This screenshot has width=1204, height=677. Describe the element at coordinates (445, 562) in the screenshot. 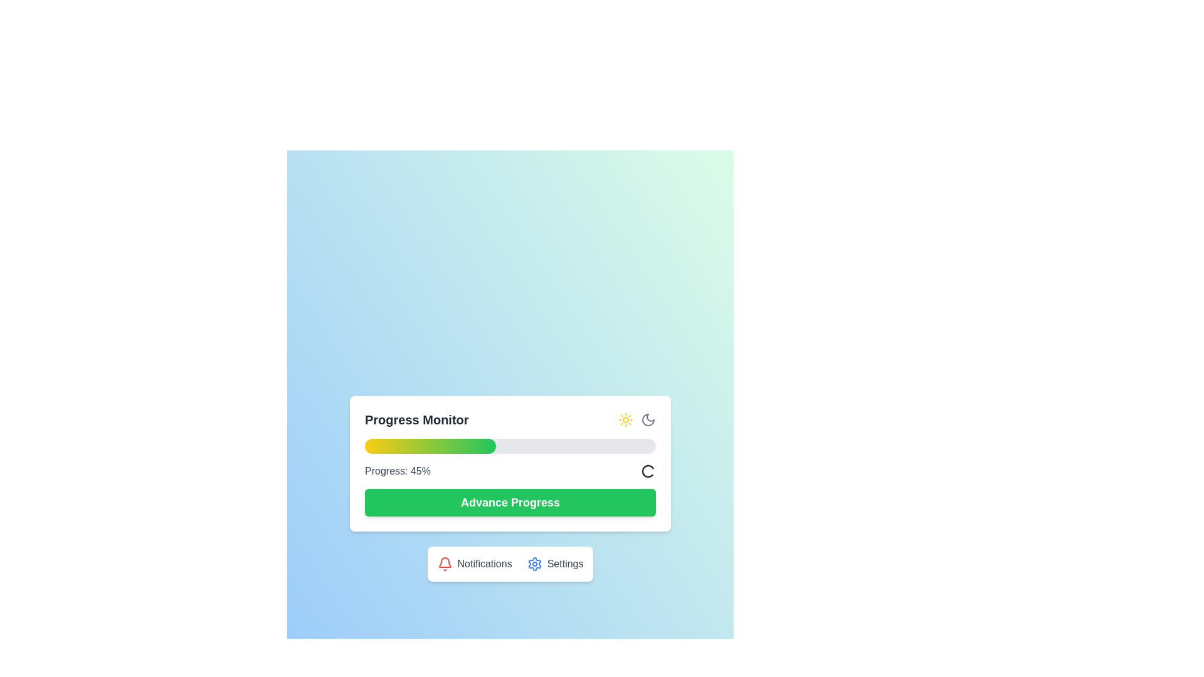

I see `the visual representation of the bell icon, which is the larger bottom region of the bell icon situated to the left of the 'Notifications' text` at that location.